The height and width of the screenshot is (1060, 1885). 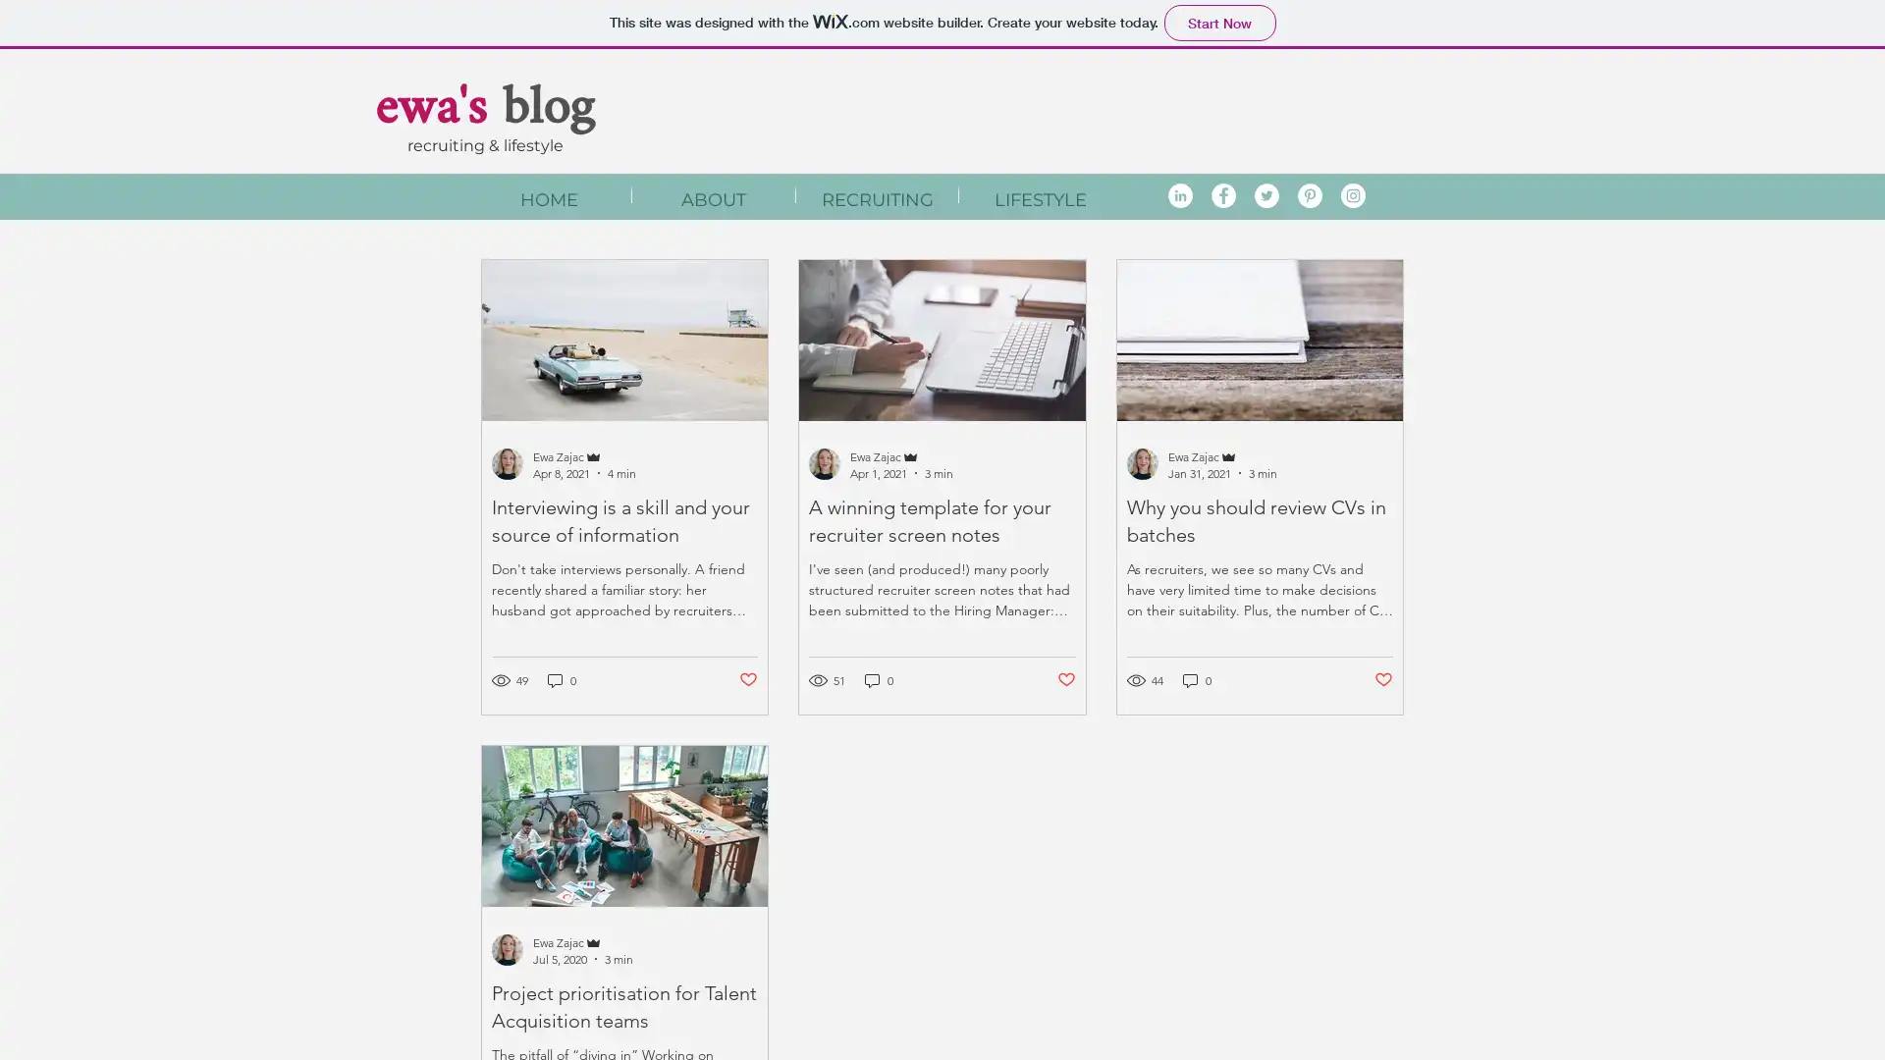 What do you see at coordinates (747, 679) in the screenshot?
I see `Post not marked as liked` at bounding box center [747, 679].